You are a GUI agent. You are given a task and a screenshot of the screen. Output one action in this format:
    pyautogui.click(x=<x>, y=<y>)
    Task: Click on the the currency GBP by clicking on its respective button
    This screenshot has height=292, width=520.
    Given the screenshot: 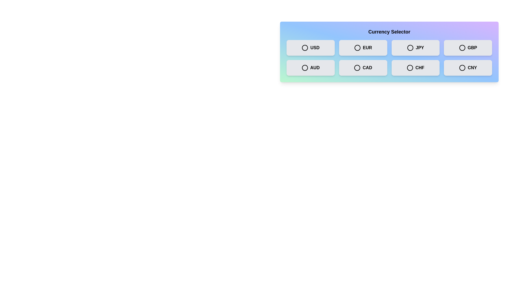 What is the action you would take?
    pyautogui.click(x=468, y=48)
    